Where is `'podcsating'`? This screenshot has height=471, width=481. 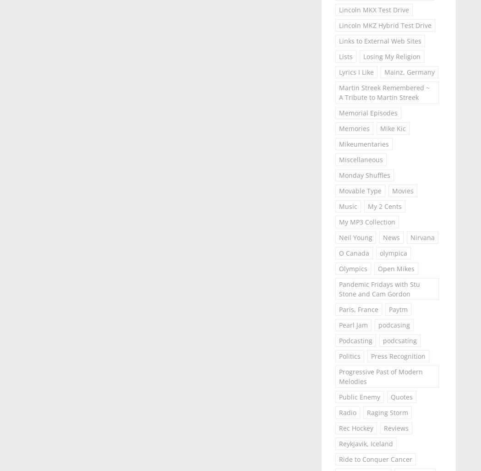
'podcsating' is located at coordinates (382, 340).